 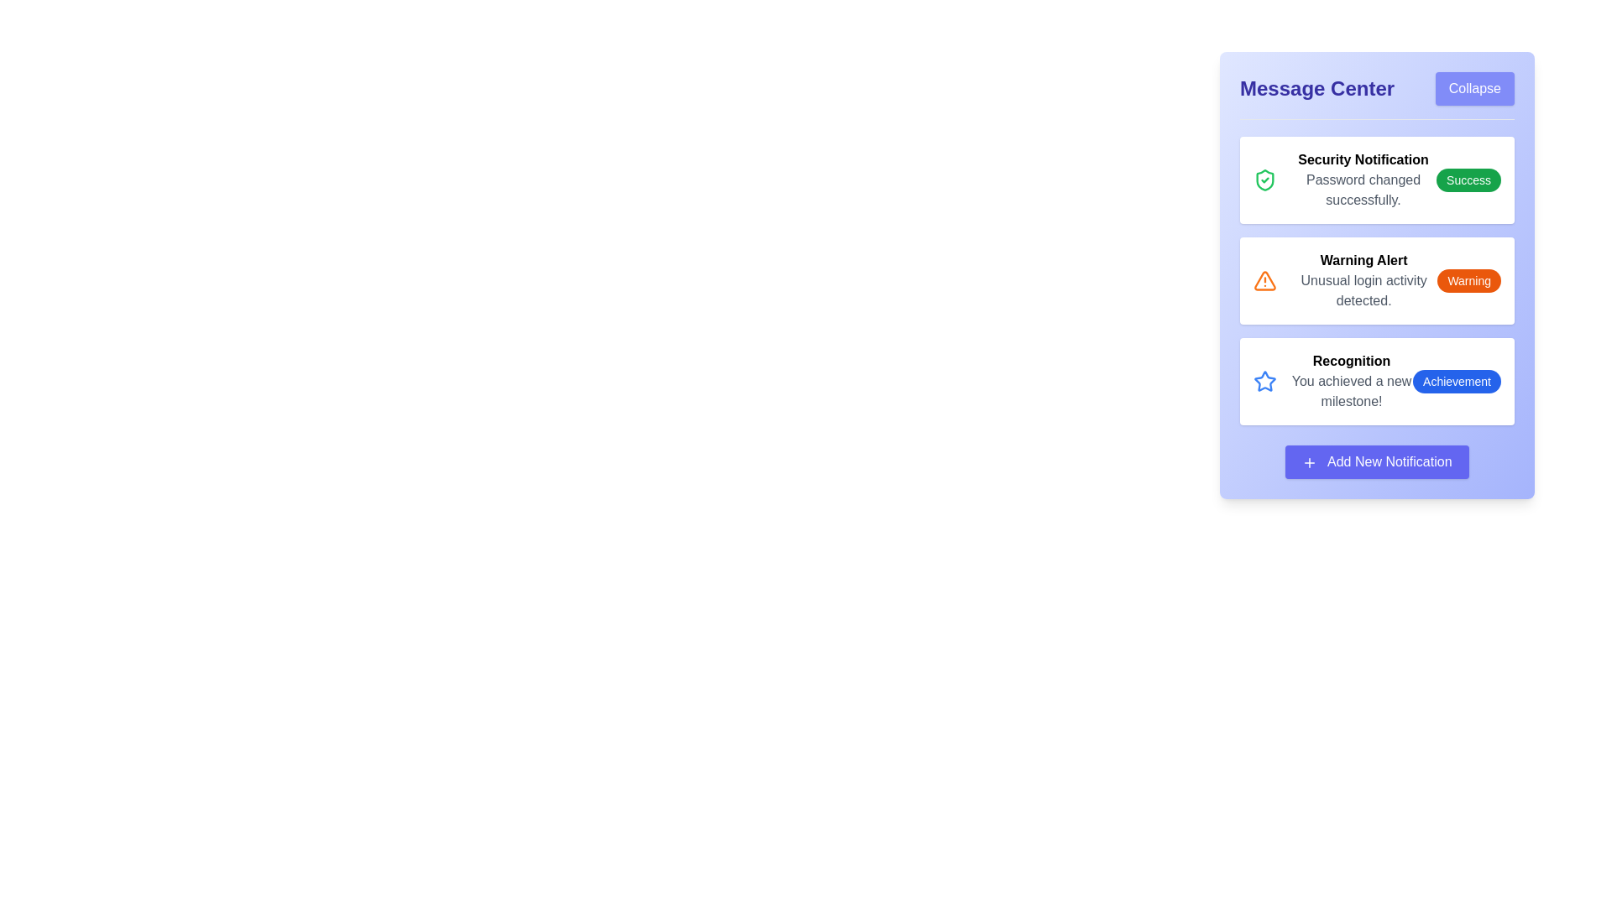 I want to click on the text block titled 'Recognition', which displays the message 'You achieved a new milestone!' in the third notification card of the 'Message Center', so click(x=1352, y=382).